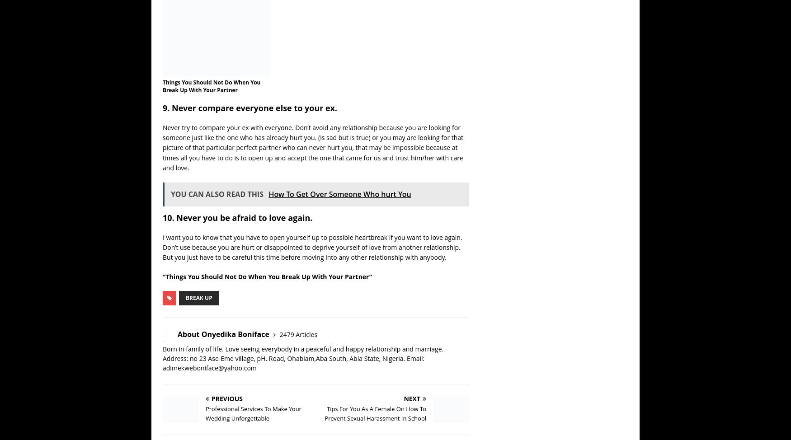  What do you see at coordinates (308, 368) in the screenshot?
I see `'adimekweboniface@yahoo.com'` at bounding box center [308, 368].